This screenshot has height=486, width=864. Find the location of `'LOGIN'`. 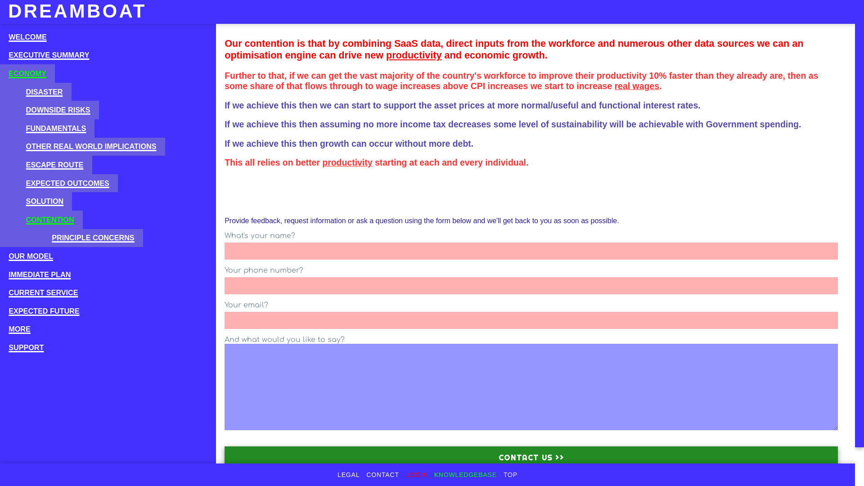

'LOGIN' is located at coordinates (416, 474).